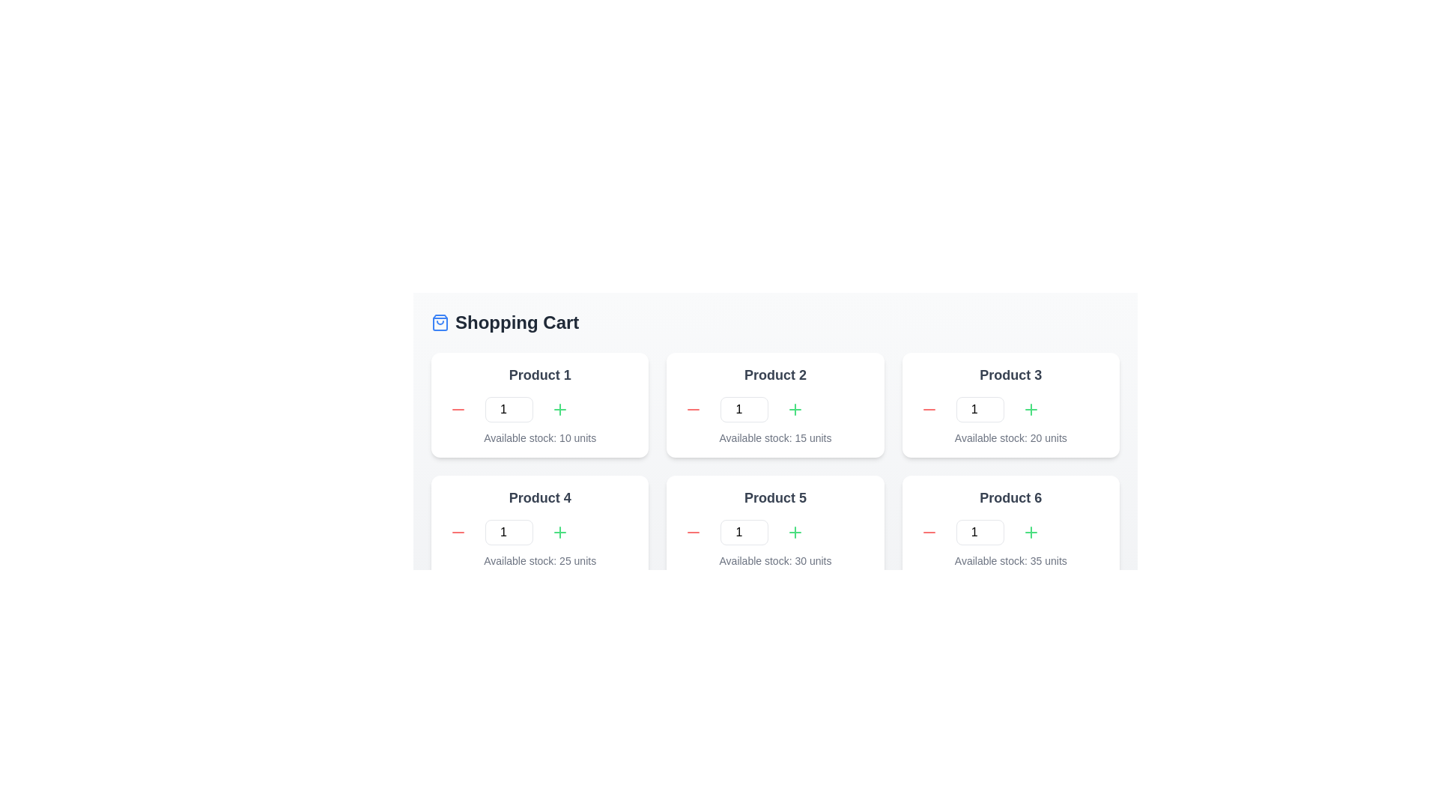 The height and width of the screenshot is (809, 1438). I want to click on the static text label displaying 'Available stock: 20 units', which is located at the bottom of the card for 'Product 3' in the shopping cart interface, so click(1010, 438).